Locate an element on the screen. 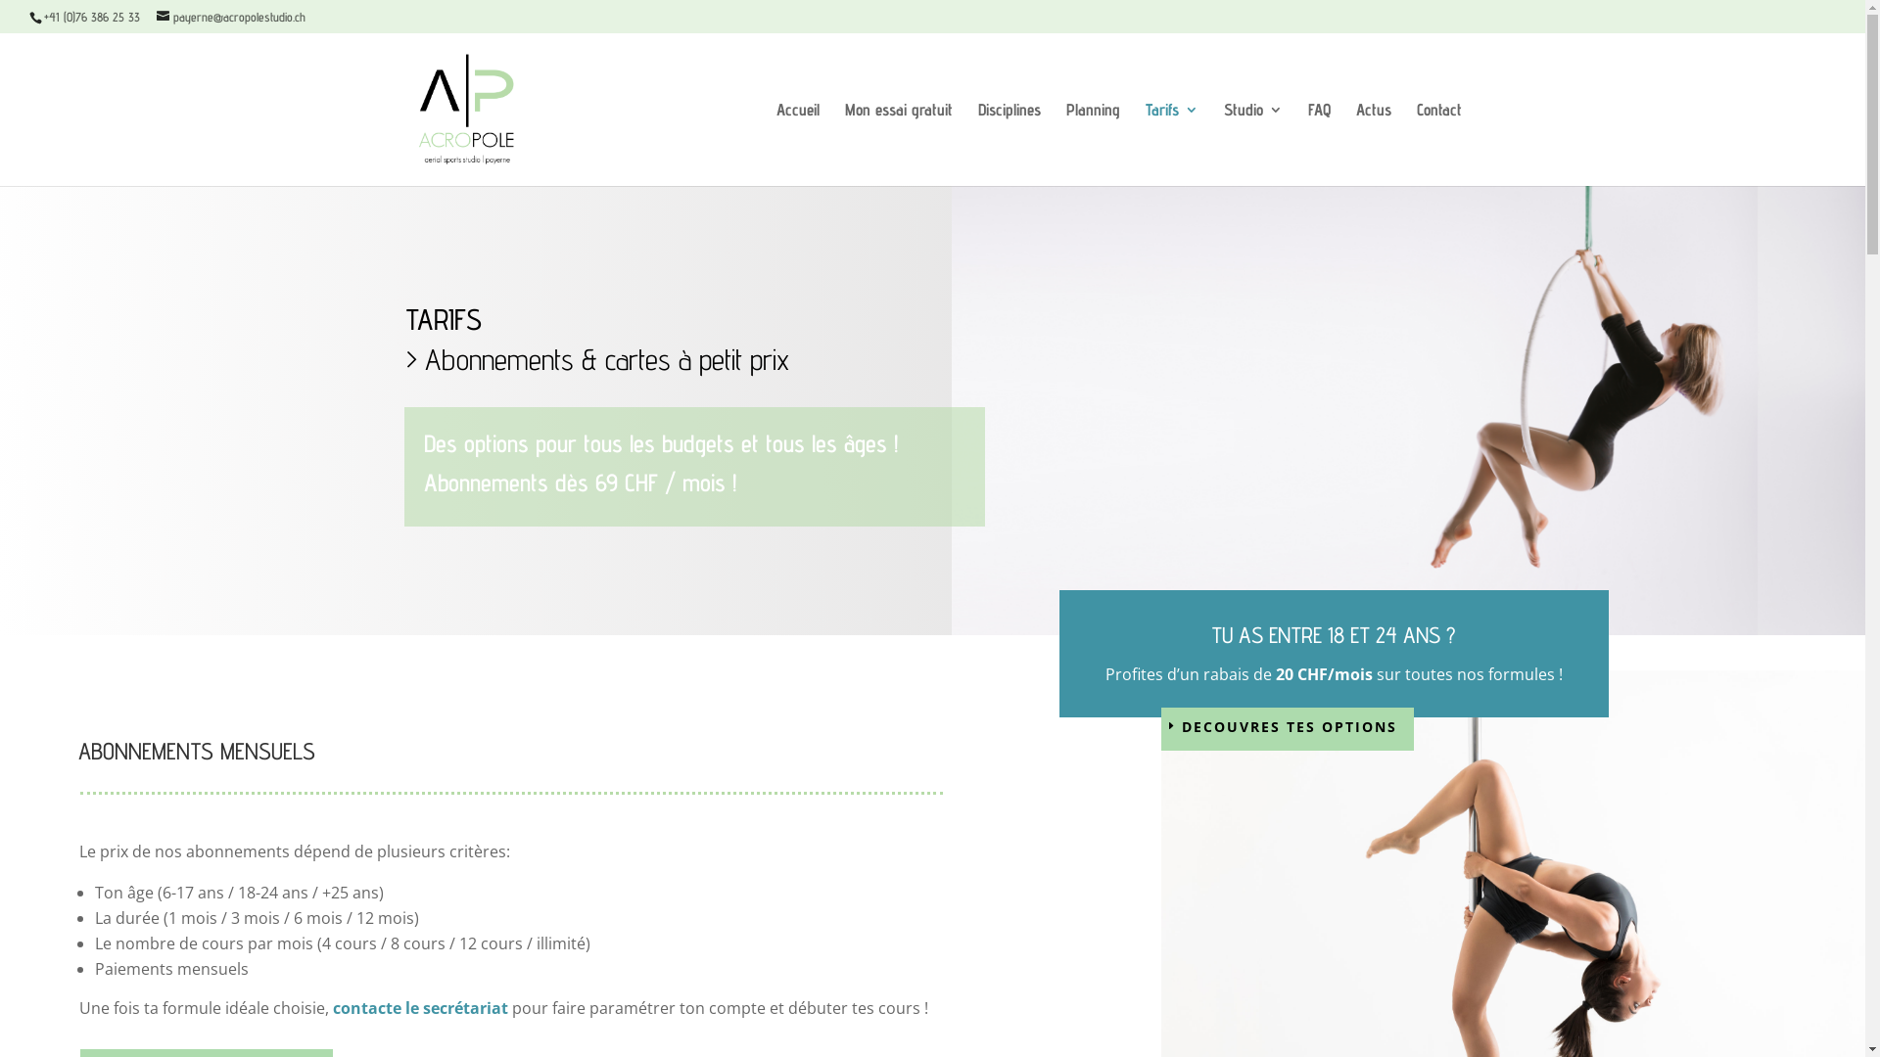 This screenshot has width=1880, height=1057. 'Accueil' is located at coordinates (797, 142).